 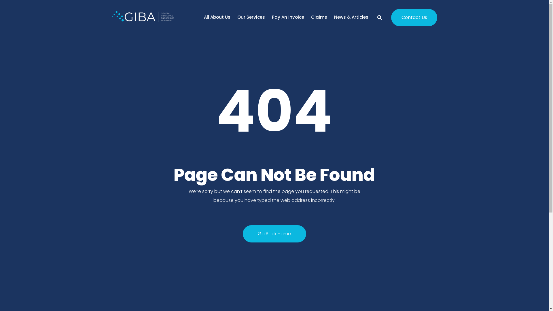 What do you see at coordinates (274, 234) in the screenshot?
I see `'Go Back Home'` at bounding box center [274, 234].